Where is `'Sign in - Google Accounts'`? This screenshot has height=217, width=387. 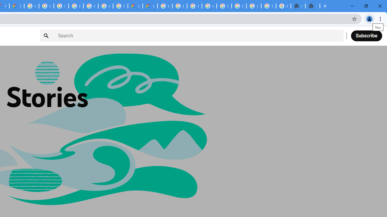
'Sign in - Google Accounts' is located at coordinates (61, 6).